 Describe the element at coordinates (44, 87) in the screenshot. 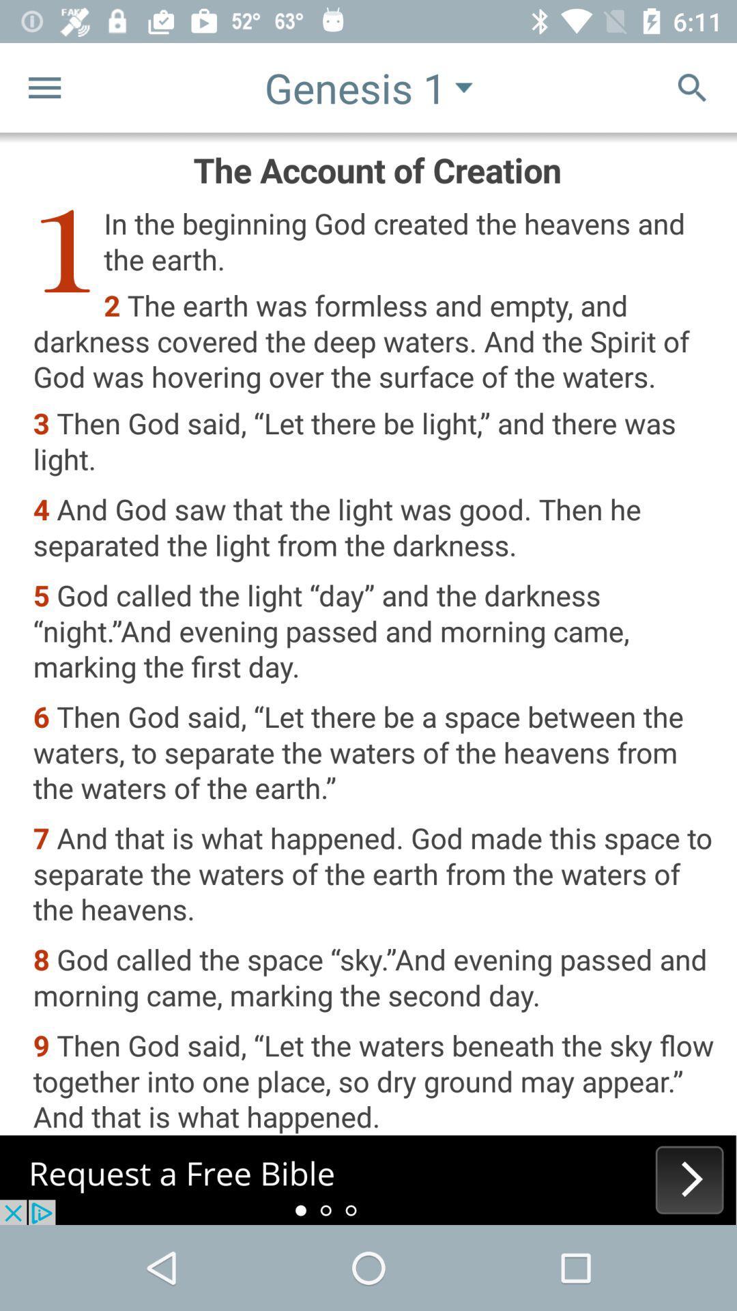

I see `the menu icon` at that location.